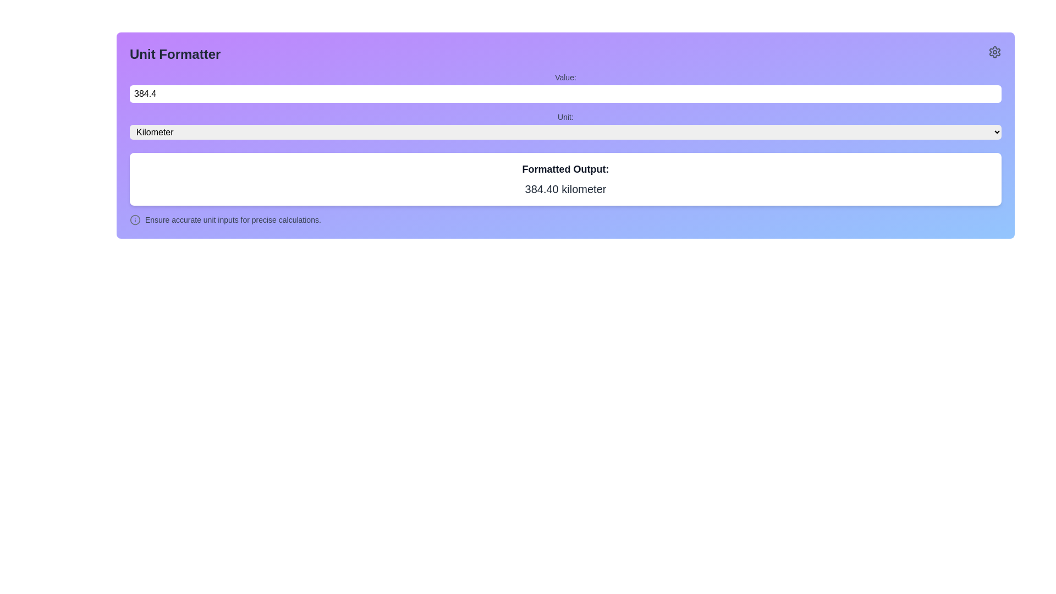 This screenshot has width=1056, height=594. Describe the element at coordinates (174, 54) in the screenshot. I see `the bold text label 'Unit Formatter' located at the top of the interface` at that location.